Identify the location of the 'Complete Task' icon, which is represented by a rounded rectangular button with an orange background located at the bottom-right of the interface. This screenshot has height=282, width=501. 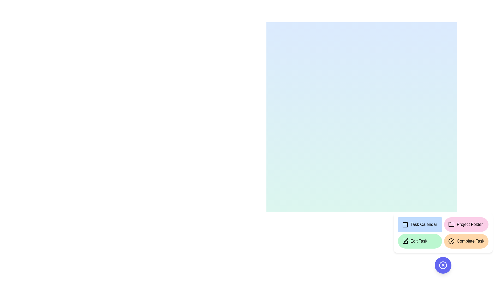
(451, 241).